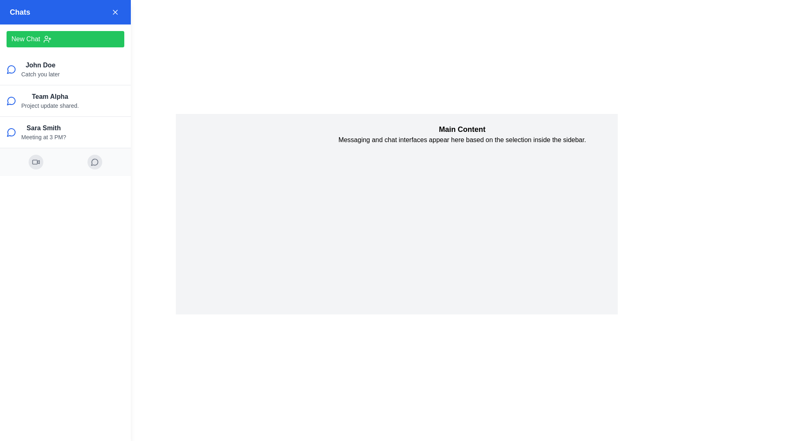 This screenshot has width=785, height=441. Describe the element at coordinates (49, 100) in the screenshot. I see `the second chat entry text block labeled 'Team Alpha'` at that location.